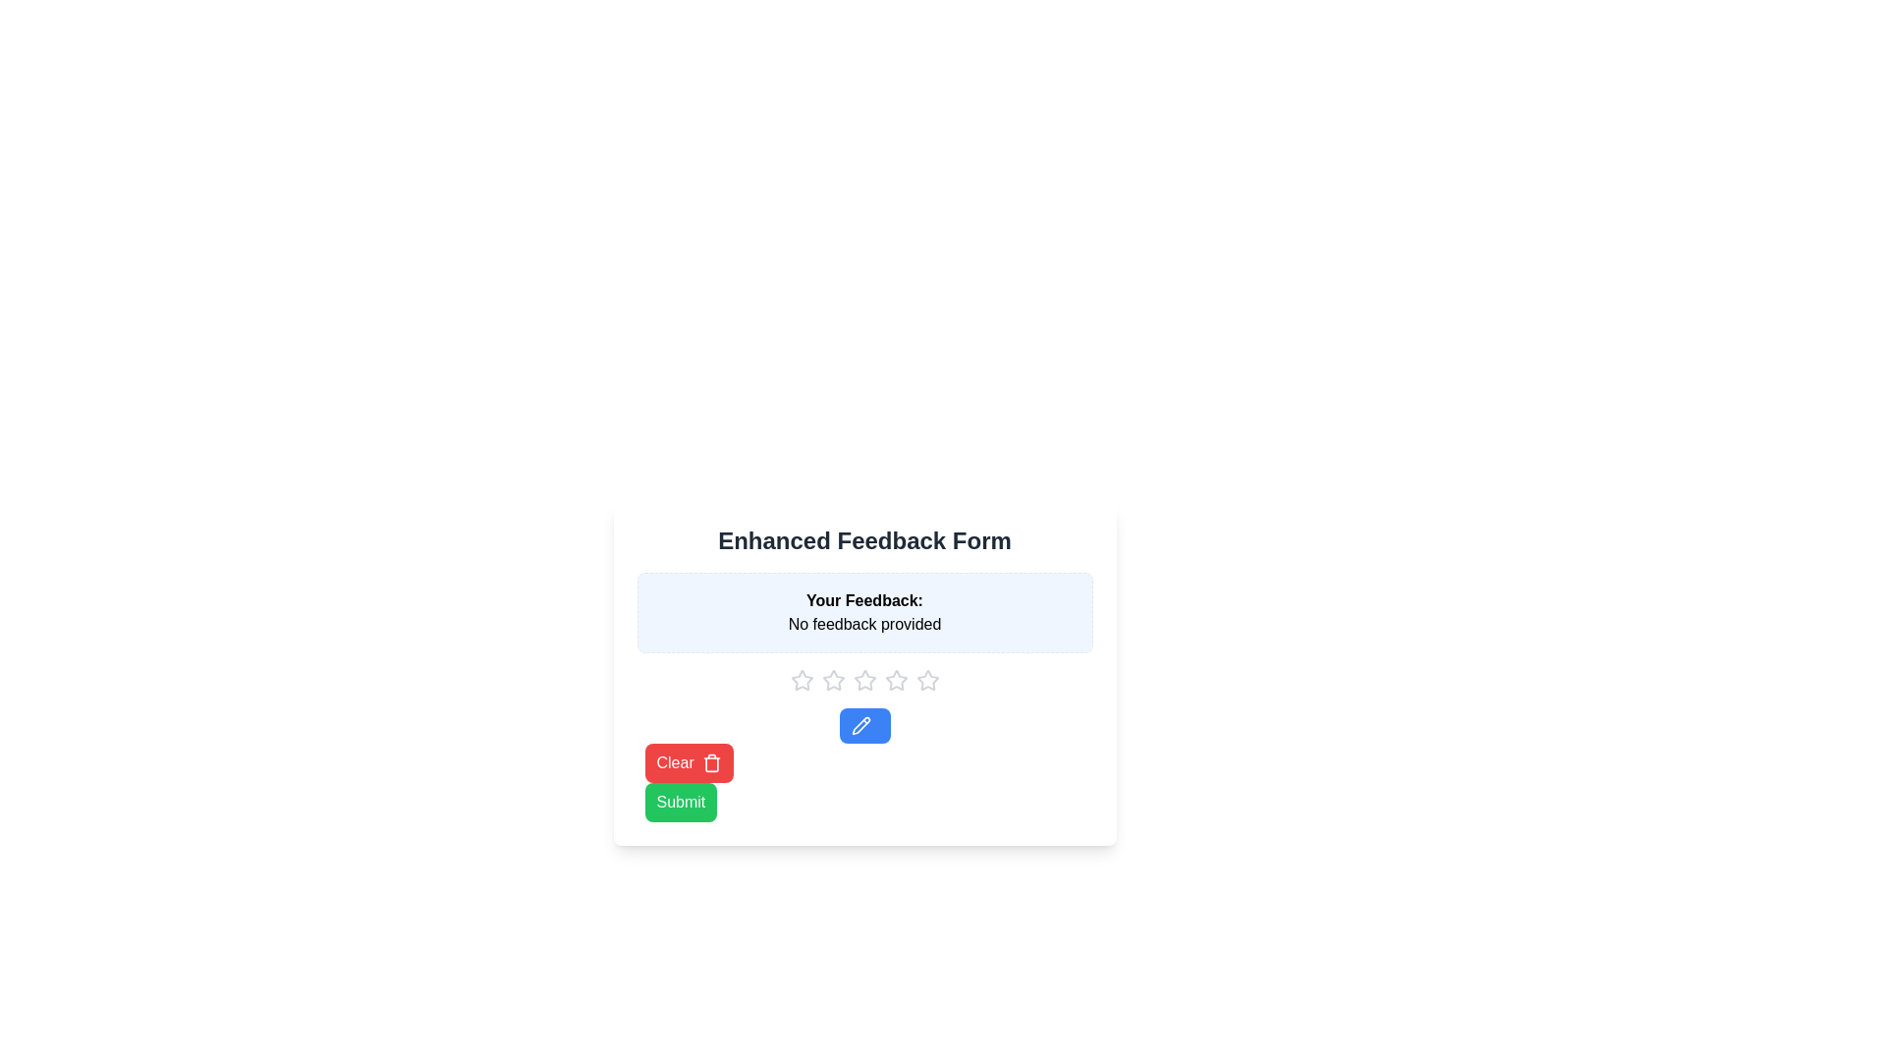 The height and width of the screenshot is (1061, 1886). I want to click on the third star icon in the rating interface, so click(895, 679).